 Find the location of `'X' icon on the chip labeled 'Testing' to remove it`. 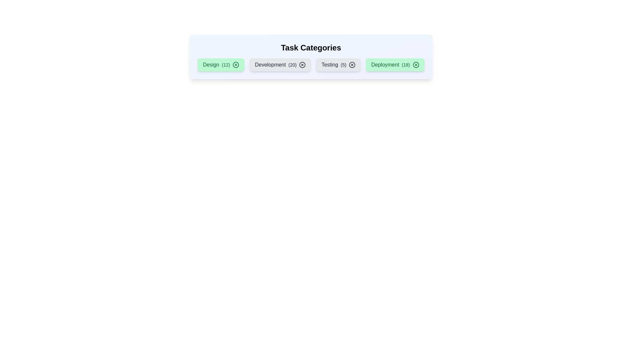

'X' icon on the chip labeled 'Testing' to remove it is located at coordinates (352, 65).